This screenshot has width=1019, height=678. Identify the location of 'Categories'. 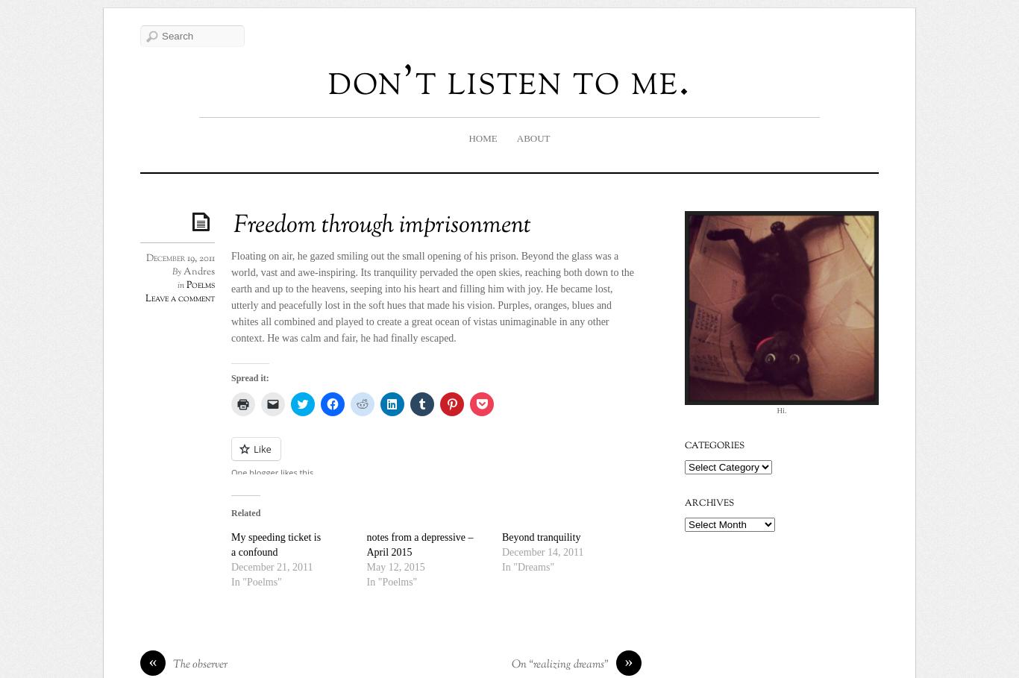
(714, 445).